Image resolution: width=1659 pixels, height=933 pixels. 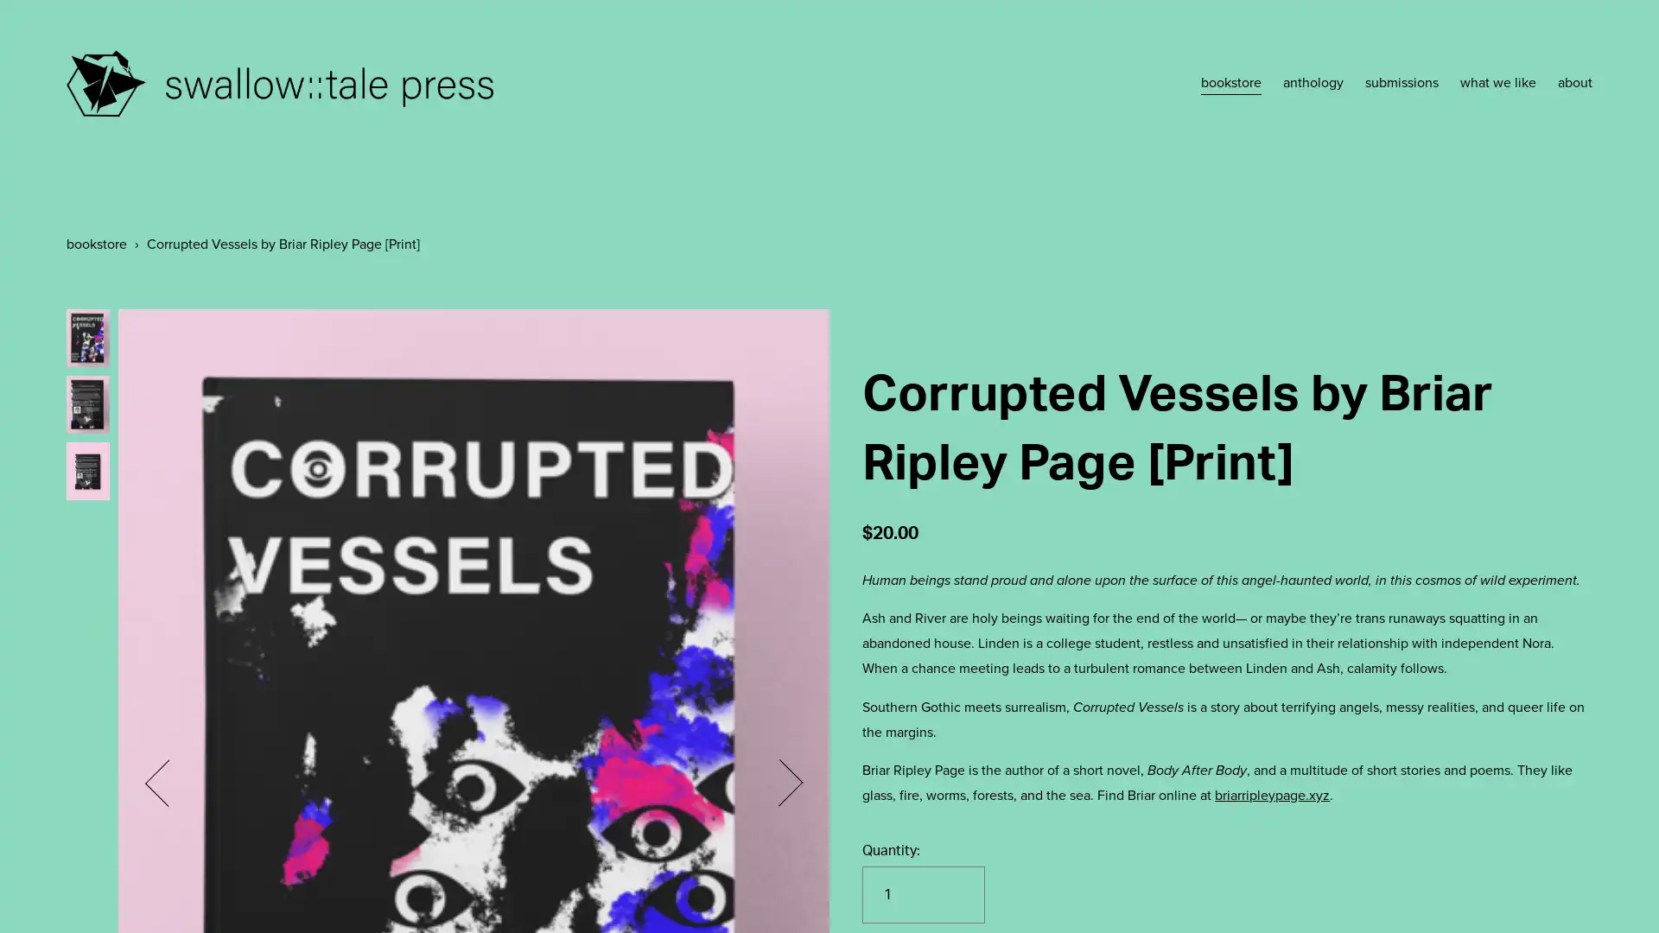 What do you see at coordinates (86, 403) in the screenshot?
I see `Image 2 of 3` at bounding box center [86, 403].